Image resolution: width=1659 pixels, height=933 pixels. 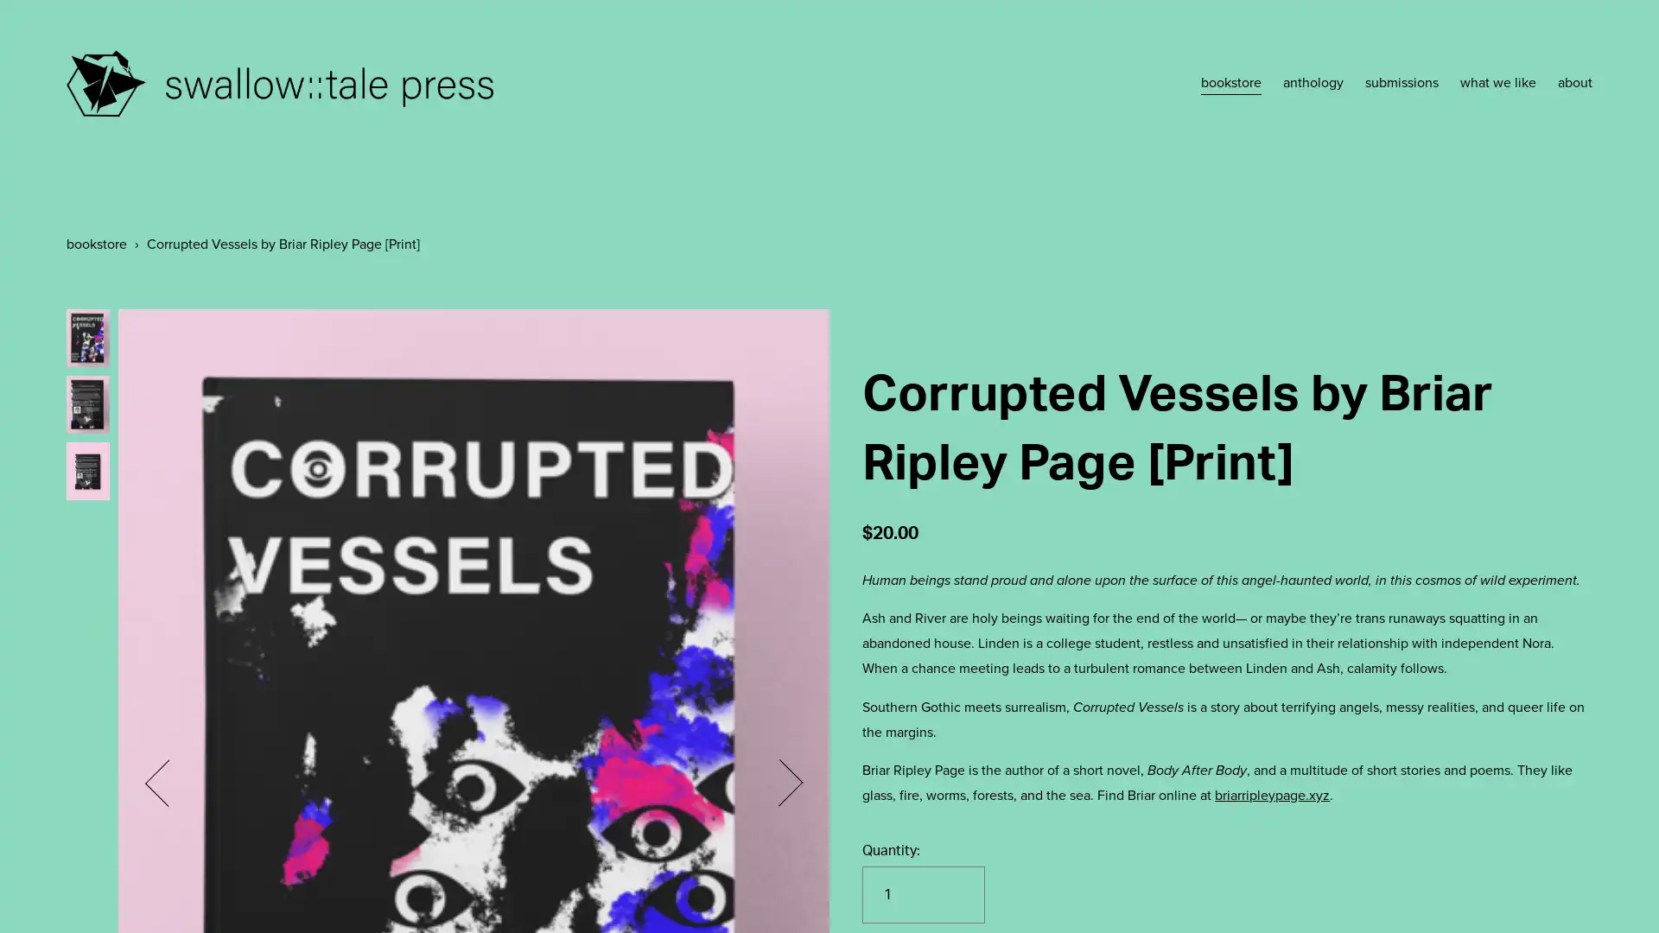 What do you see at coordinates (86, 403) in the screenshot?
I see `Image 2 of 3` at bounding box center [86, 403].